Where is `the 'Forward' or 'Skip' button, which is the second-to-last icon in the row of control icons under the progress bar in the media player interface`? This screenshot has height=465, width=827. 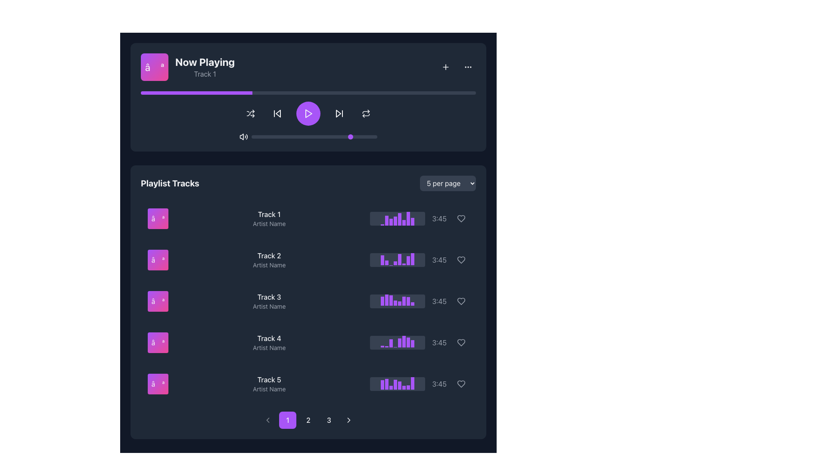
the 'Forward' or 'Skip' button, which is the second-to-last icon in the row of control icons under the progress bar in the media player interface is located at coordinates (338, 113).